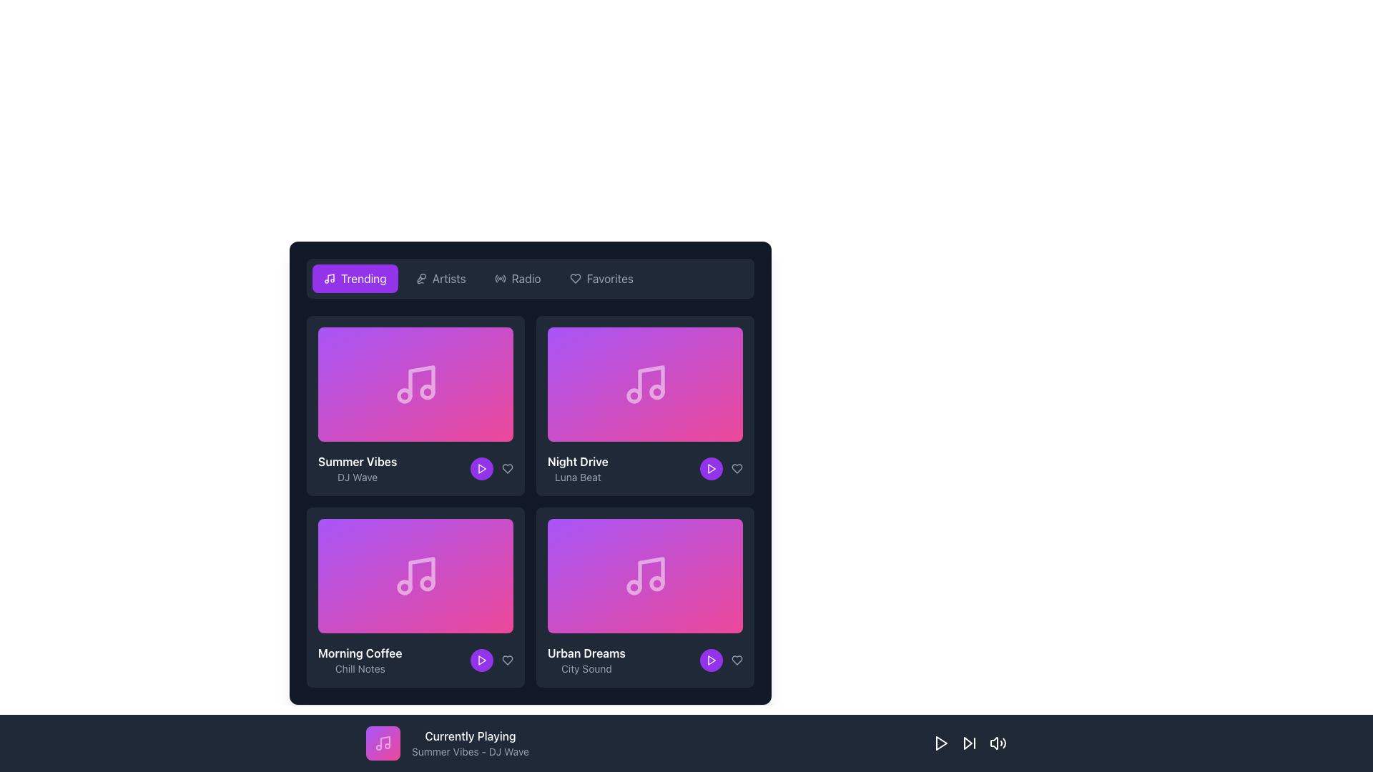  What do you see at coordinates (415, 383) in the screenshot?
I see `the representation of the icon depicting two connected musical notes, which is located in the top-left quadrant of a colorful gradient grid labeled 'Summer Vibes' by 'DJ Wave'` at bounding box center [415, 383].